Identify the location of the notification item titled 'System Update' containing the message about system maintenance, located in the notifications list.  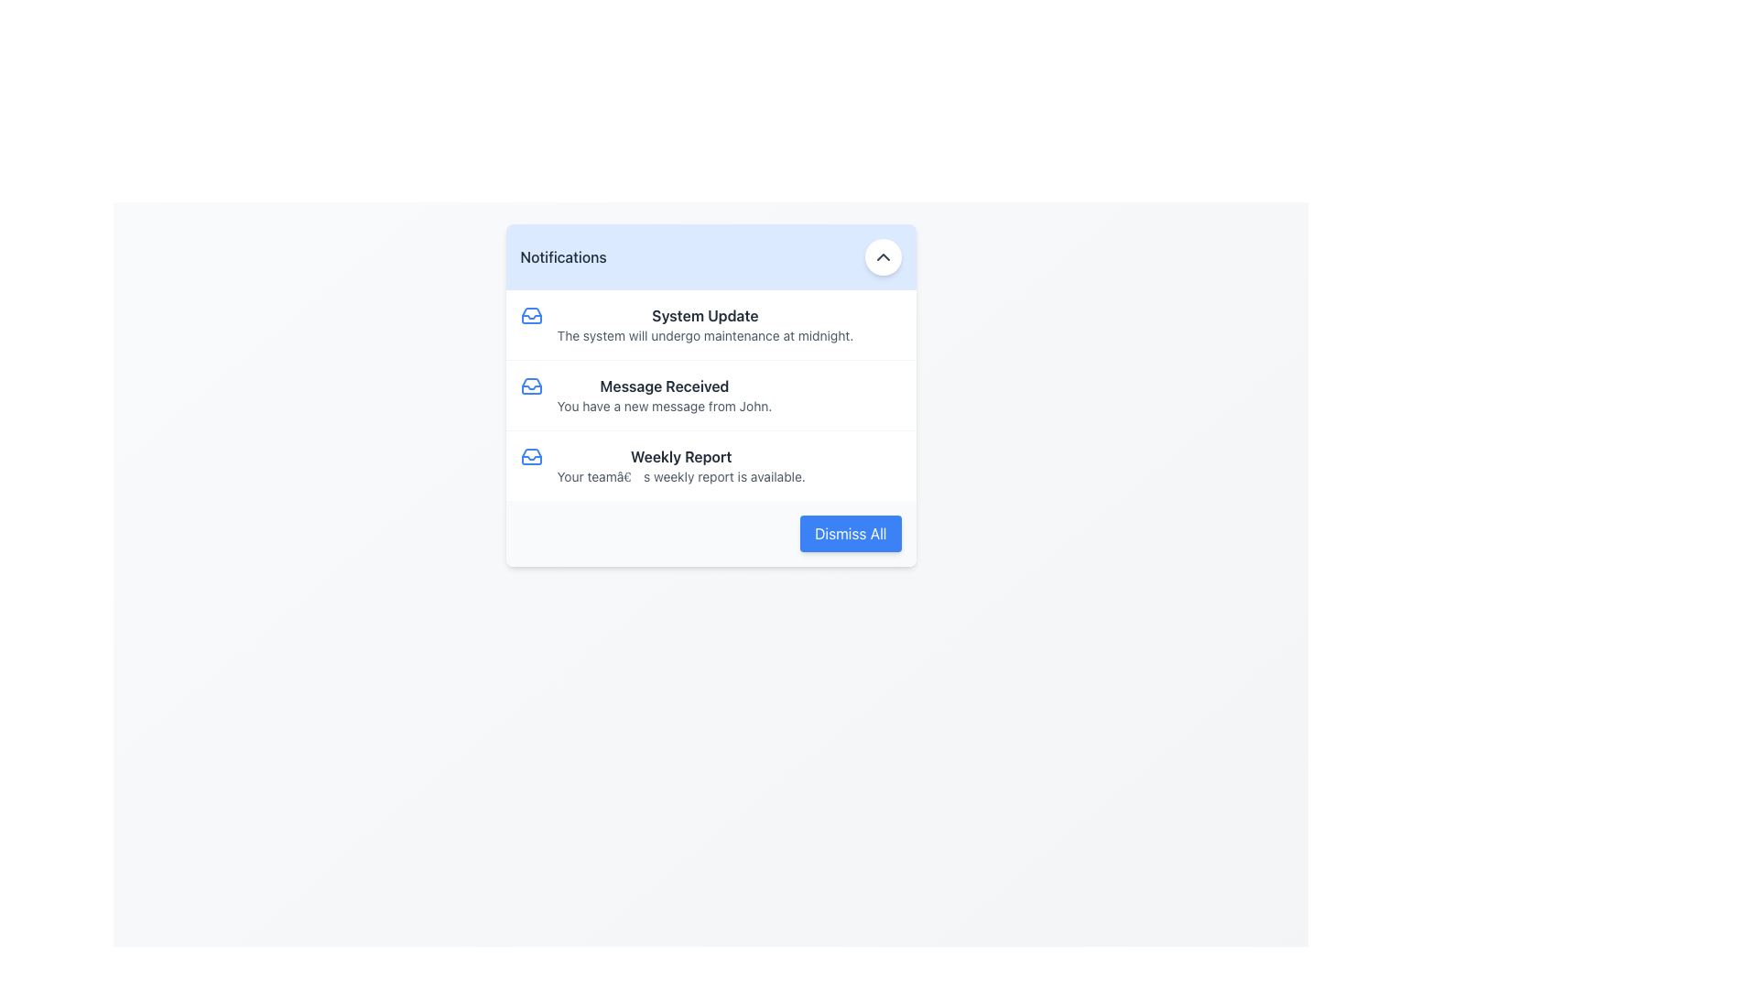
(710, 323).